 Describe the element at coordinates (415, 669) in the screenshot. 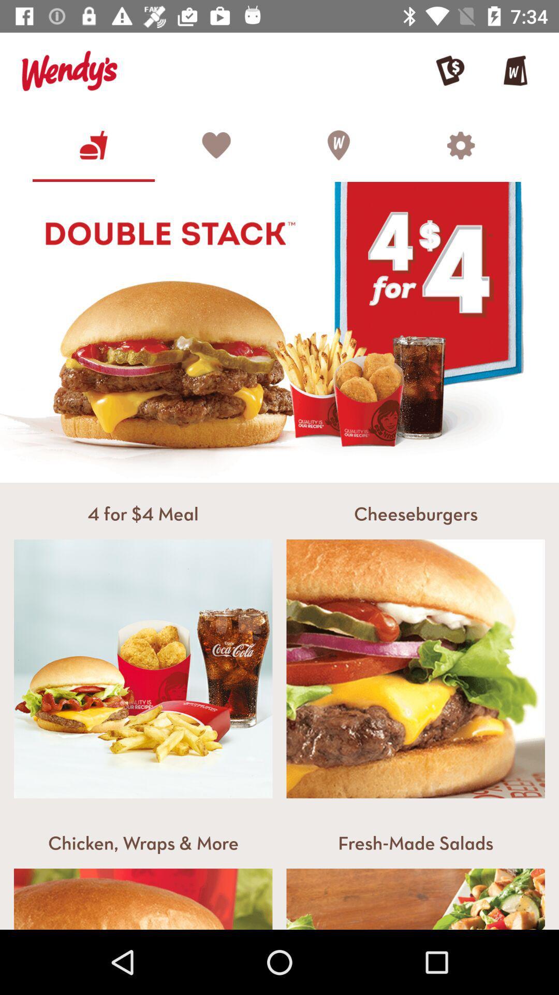

I see `the image which is below text cheeseburgers` at that location.